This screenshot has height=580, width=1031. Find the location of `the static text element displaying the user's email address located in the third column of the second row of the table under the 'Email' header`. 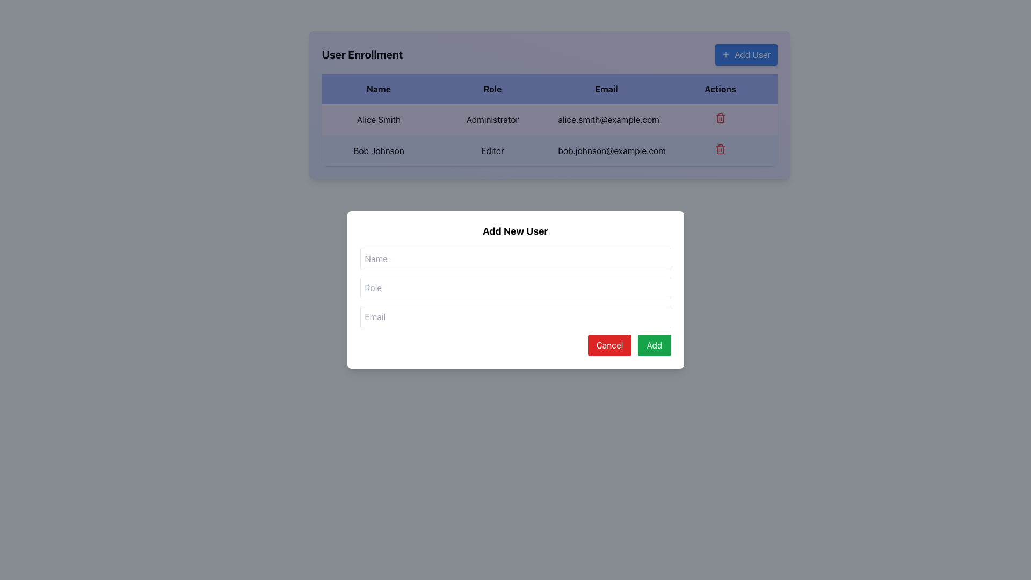

the static text element displaying the user's email address located in the third column of the second row of the table under the 'Email' header is located at coordinates (606, 151).